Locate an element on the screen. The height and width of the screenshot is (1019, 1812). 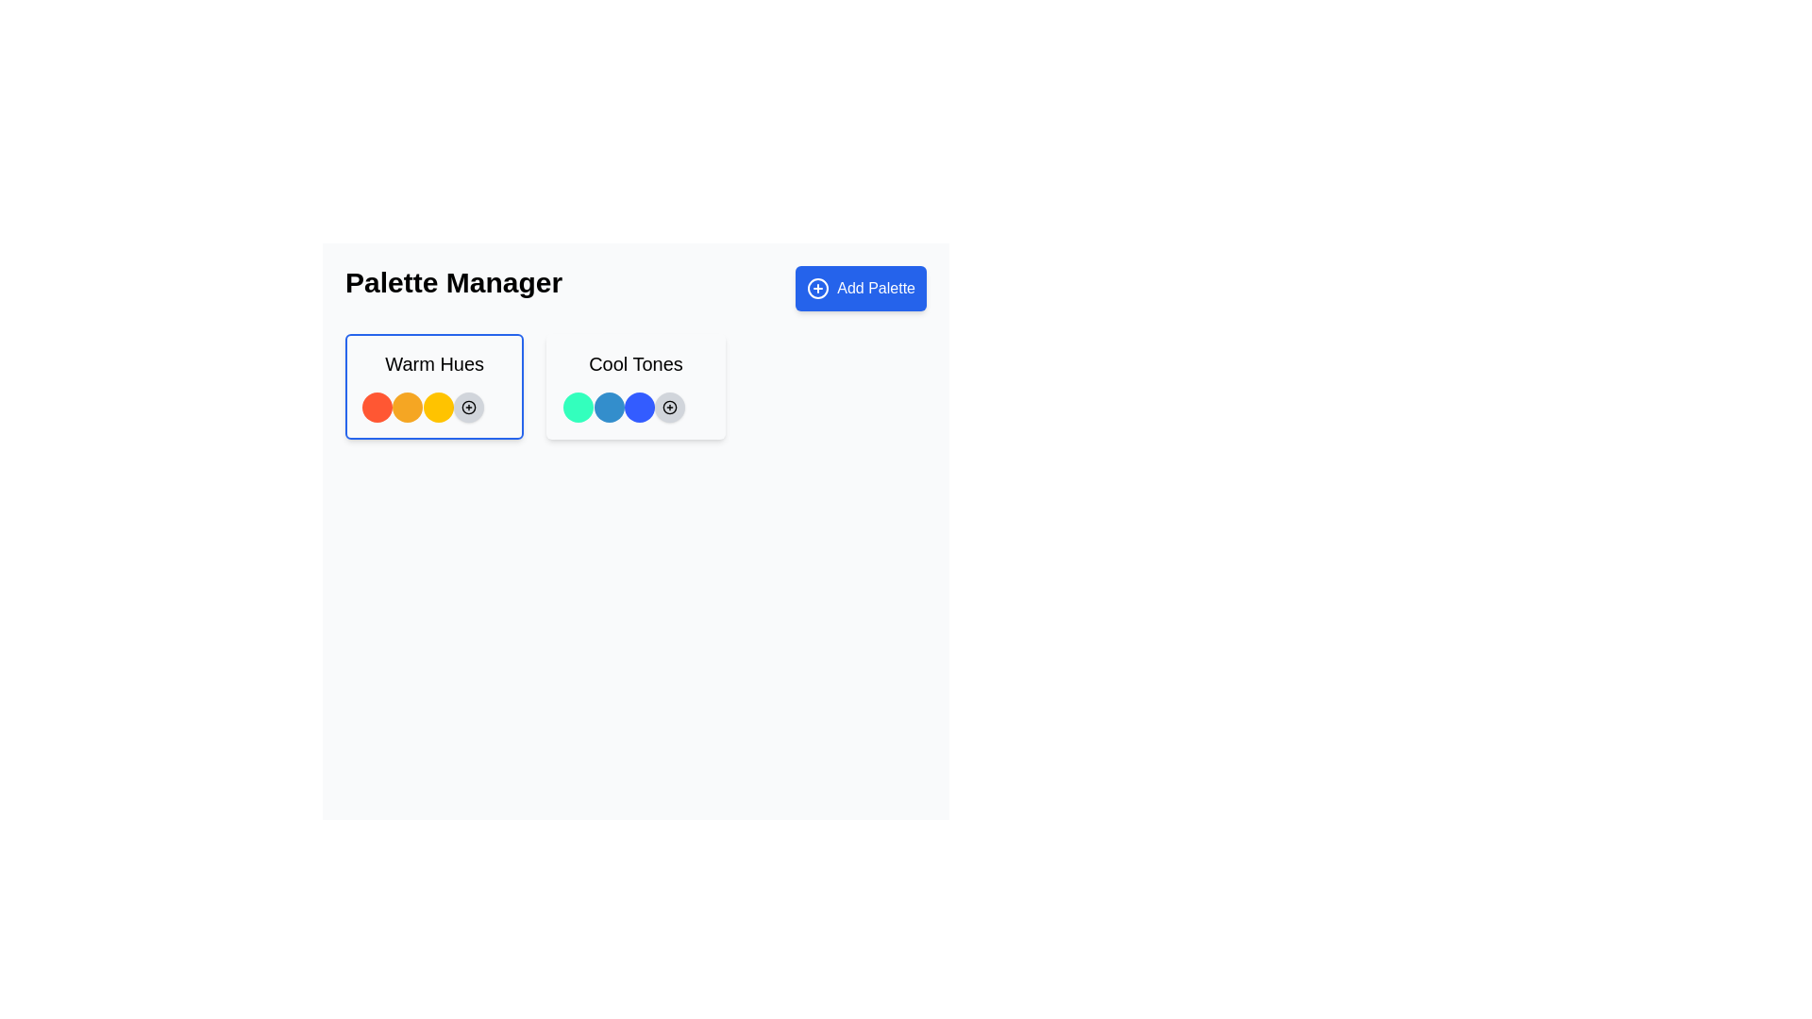
the text 'Cool Tones' is located at coordinates (635, 363).